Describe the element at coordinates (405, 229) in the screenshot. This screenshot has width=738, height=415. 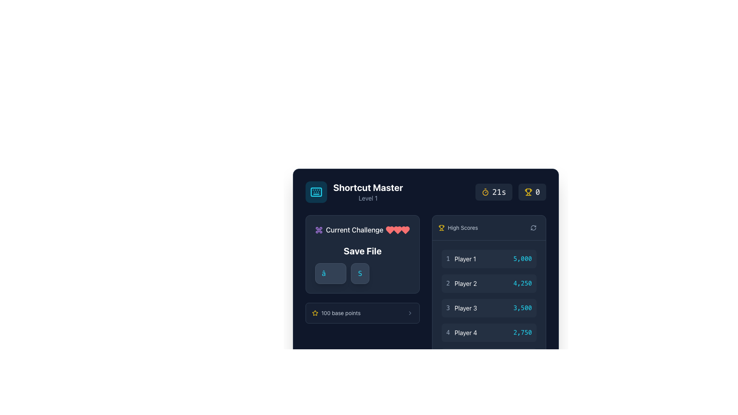
I see `the middle heart-shaped icon, which is filled red, located in the 'Current Challenge' section of the application interface` at that location.